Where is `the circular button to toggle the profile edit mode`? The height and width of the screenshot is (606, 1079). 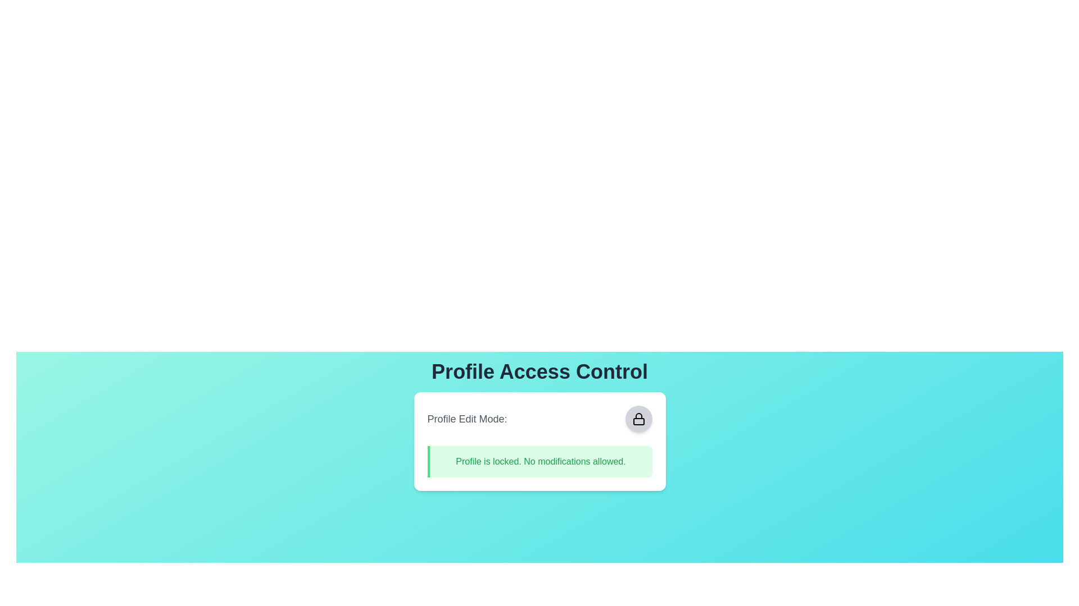
the circular button to toggle the profile edit mode is located at coordinates (638, 419).